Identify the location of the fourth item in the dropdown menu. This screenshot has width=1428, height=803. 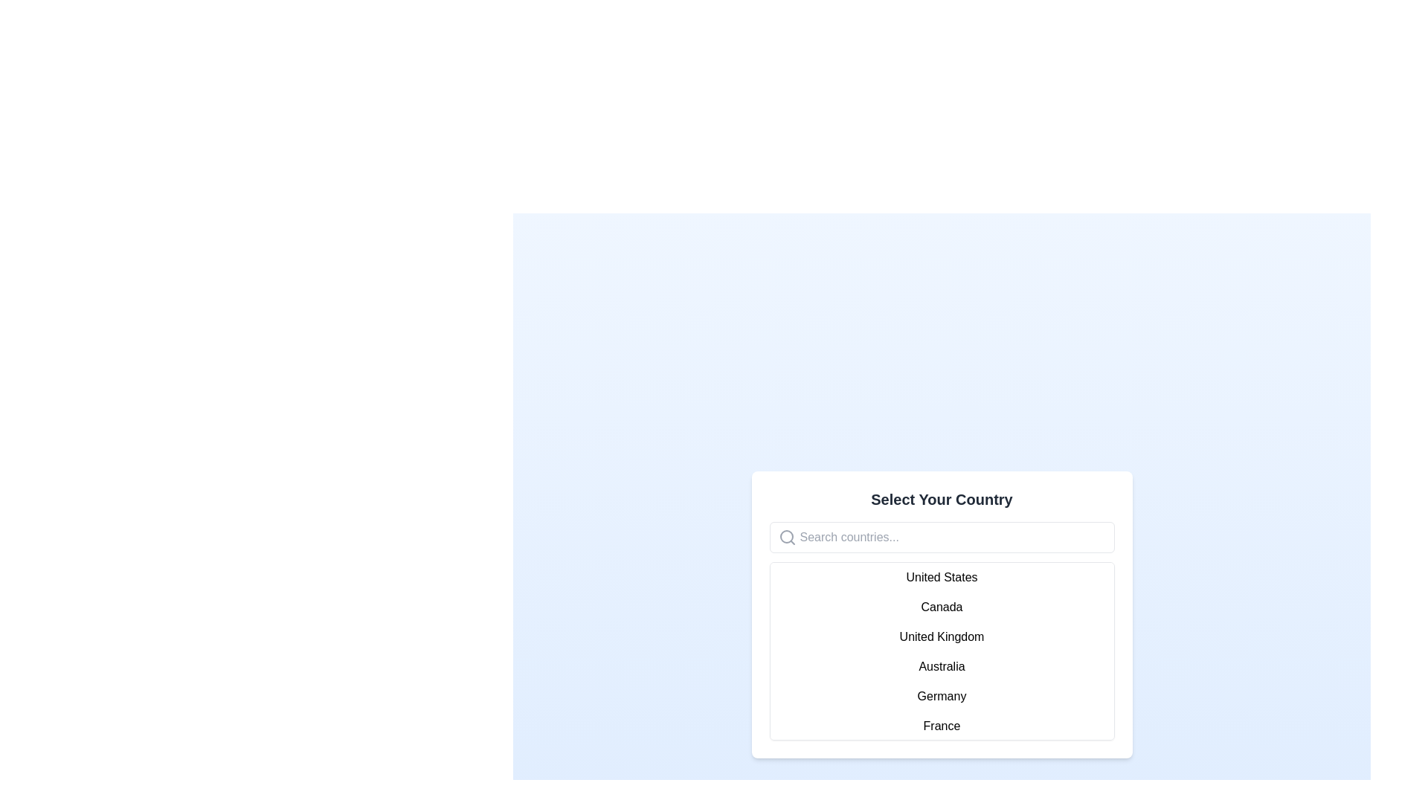
(941, 666).